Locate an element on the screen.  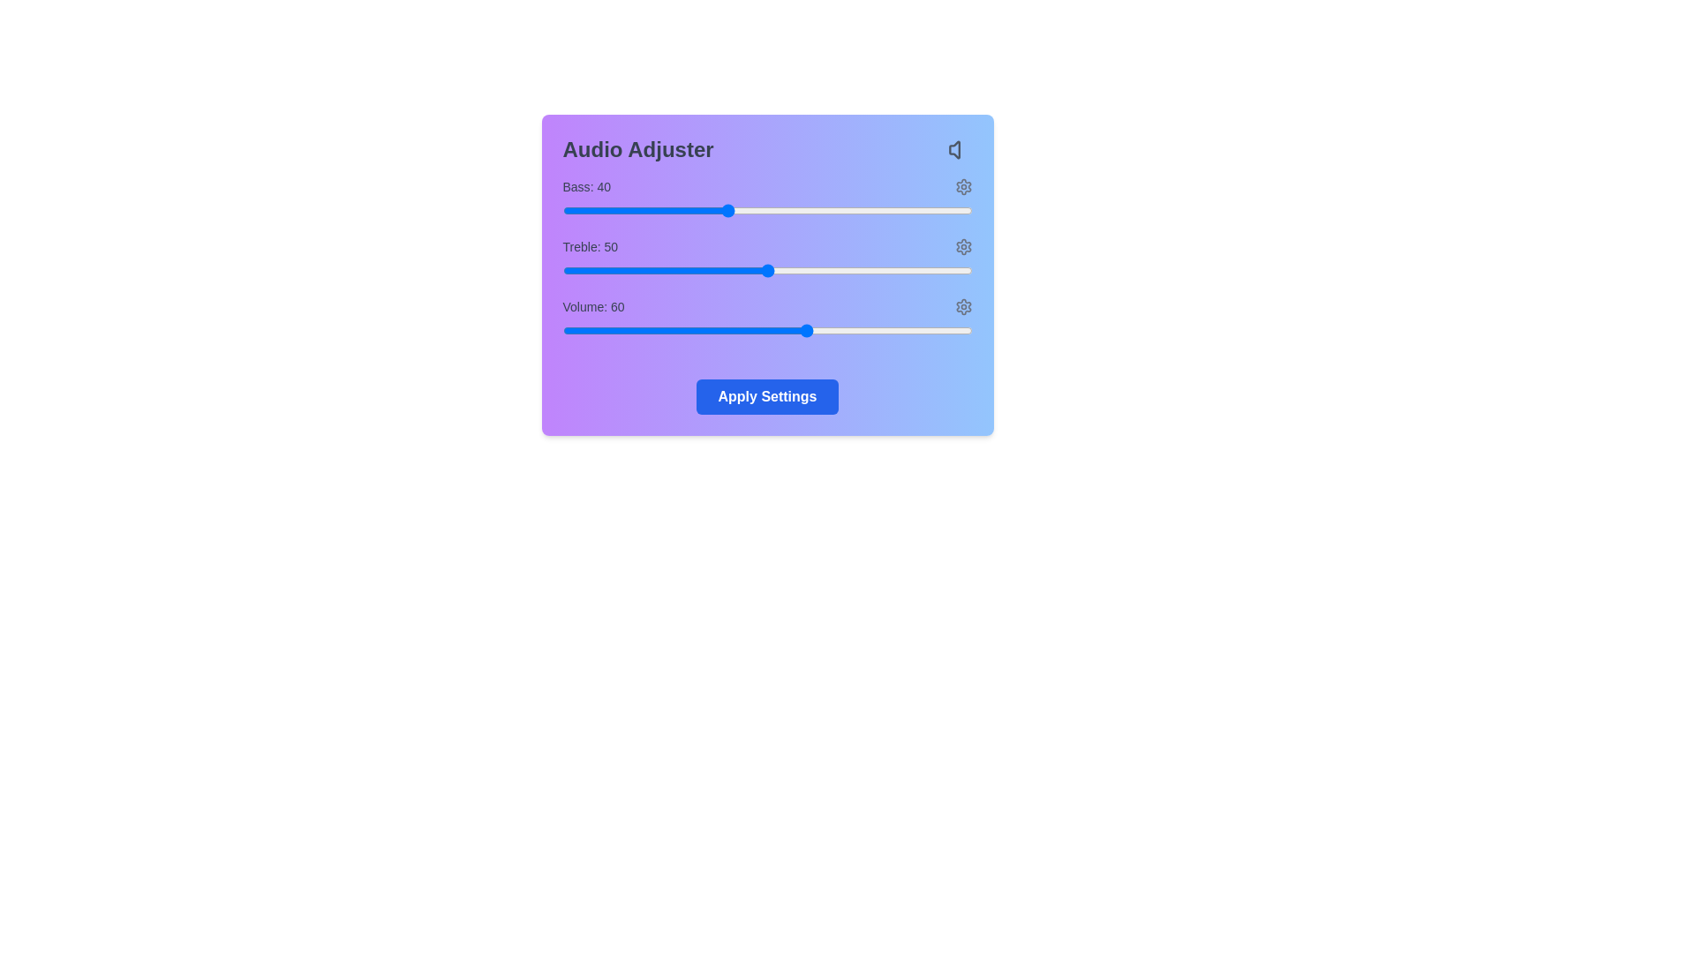
volume level is located at coordinates (954, 330).